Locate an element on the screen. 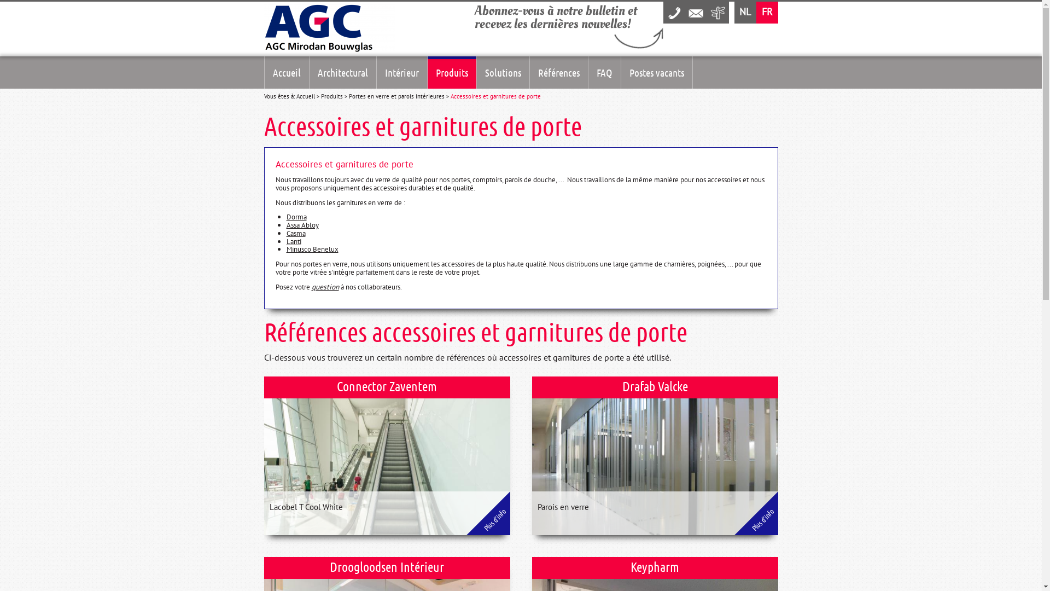 The height and width of the screenshot is (591, 1050). 'NL' is located at coordinates (744, 13).